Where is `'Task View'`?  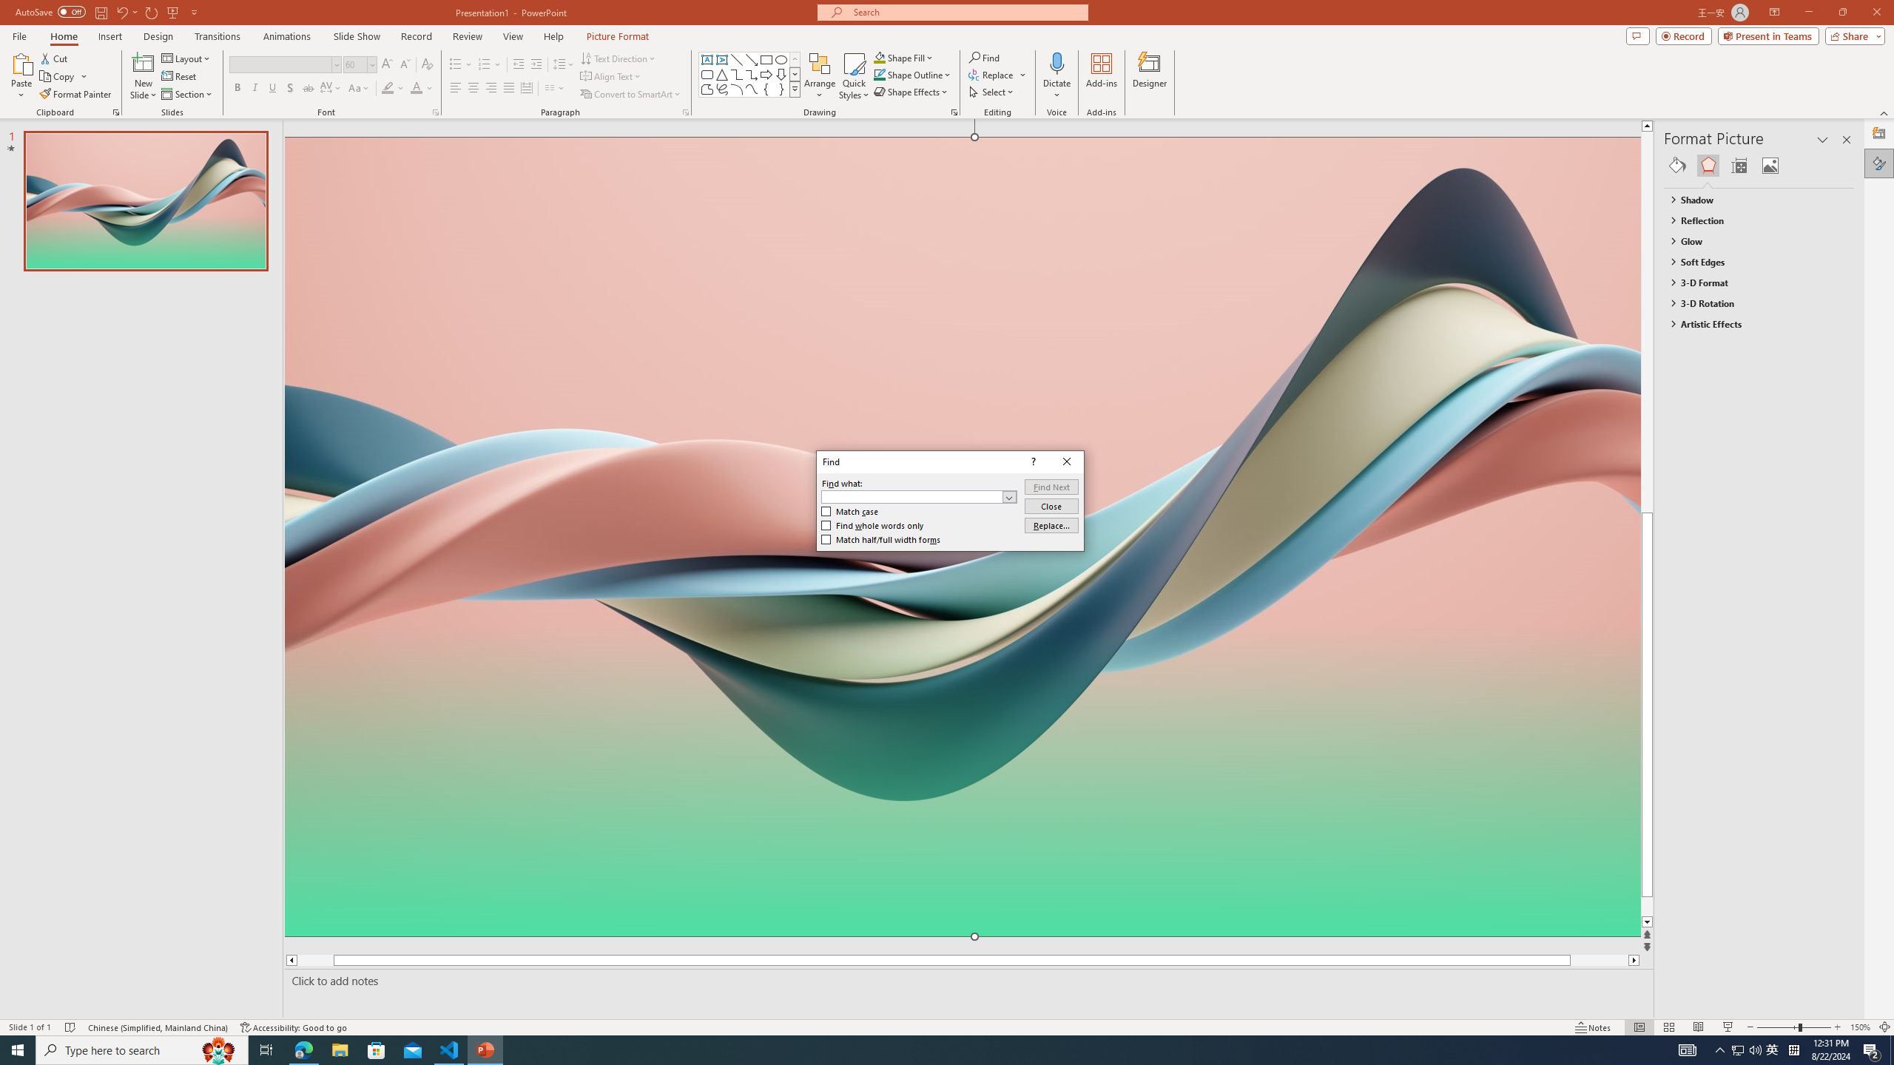 'Task View' is located at coordinates (265, 1049).